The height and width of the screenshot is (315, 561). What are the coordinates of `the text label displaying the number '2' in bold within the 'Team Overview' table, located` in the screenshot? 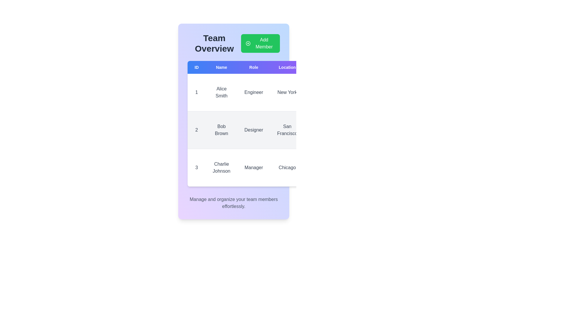 It's located at (196, 130).